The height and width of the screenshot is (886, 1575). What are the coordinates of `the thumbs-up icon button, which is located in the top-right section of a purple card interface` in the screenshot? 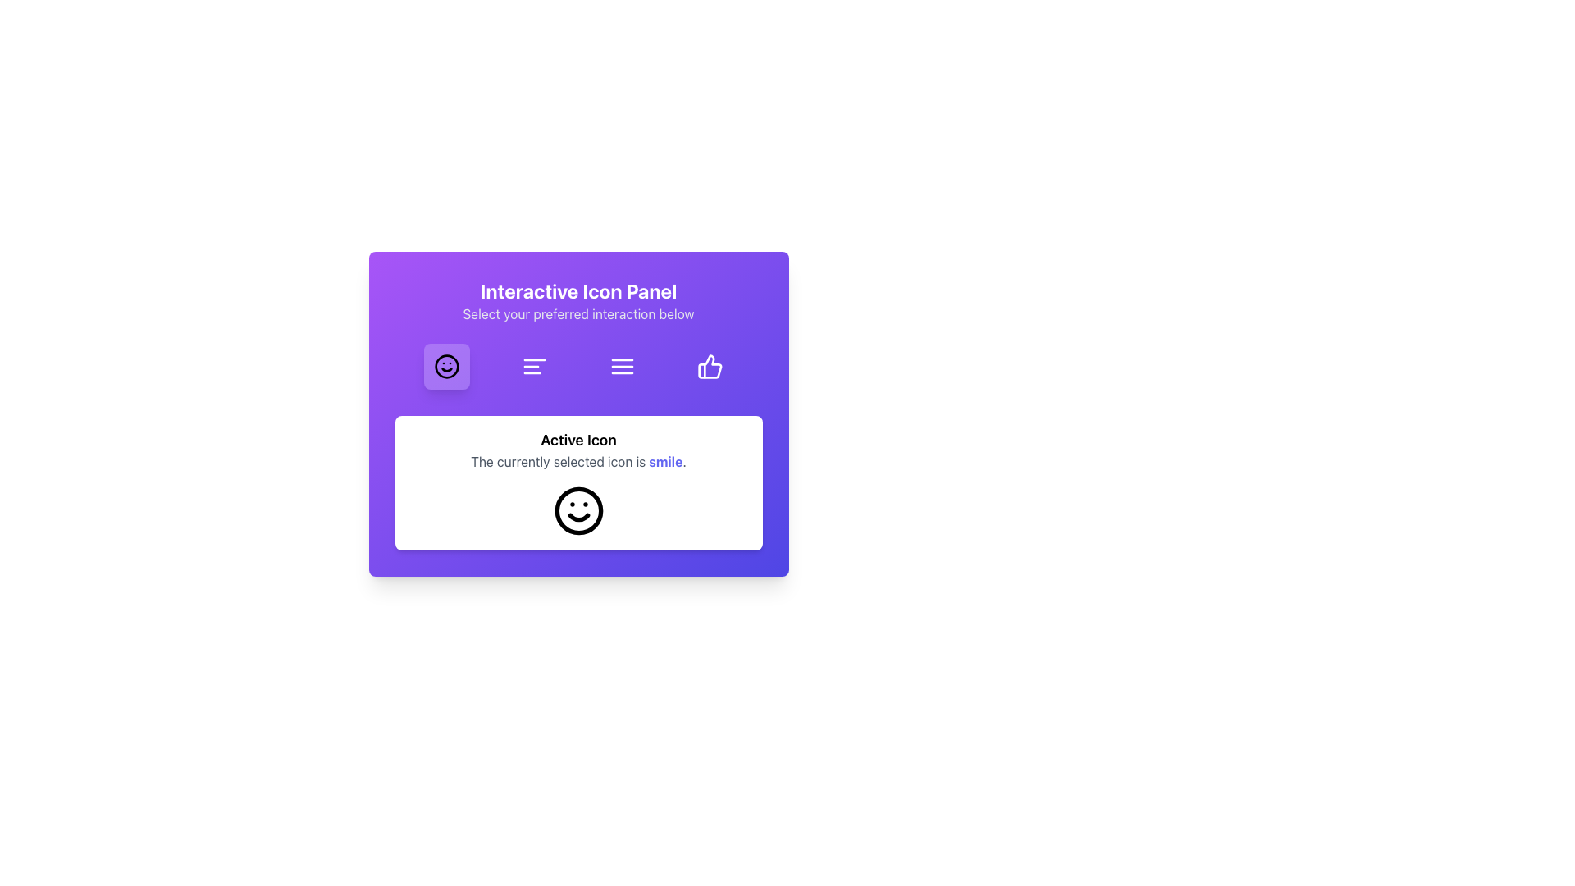 It's located at (710, 366).